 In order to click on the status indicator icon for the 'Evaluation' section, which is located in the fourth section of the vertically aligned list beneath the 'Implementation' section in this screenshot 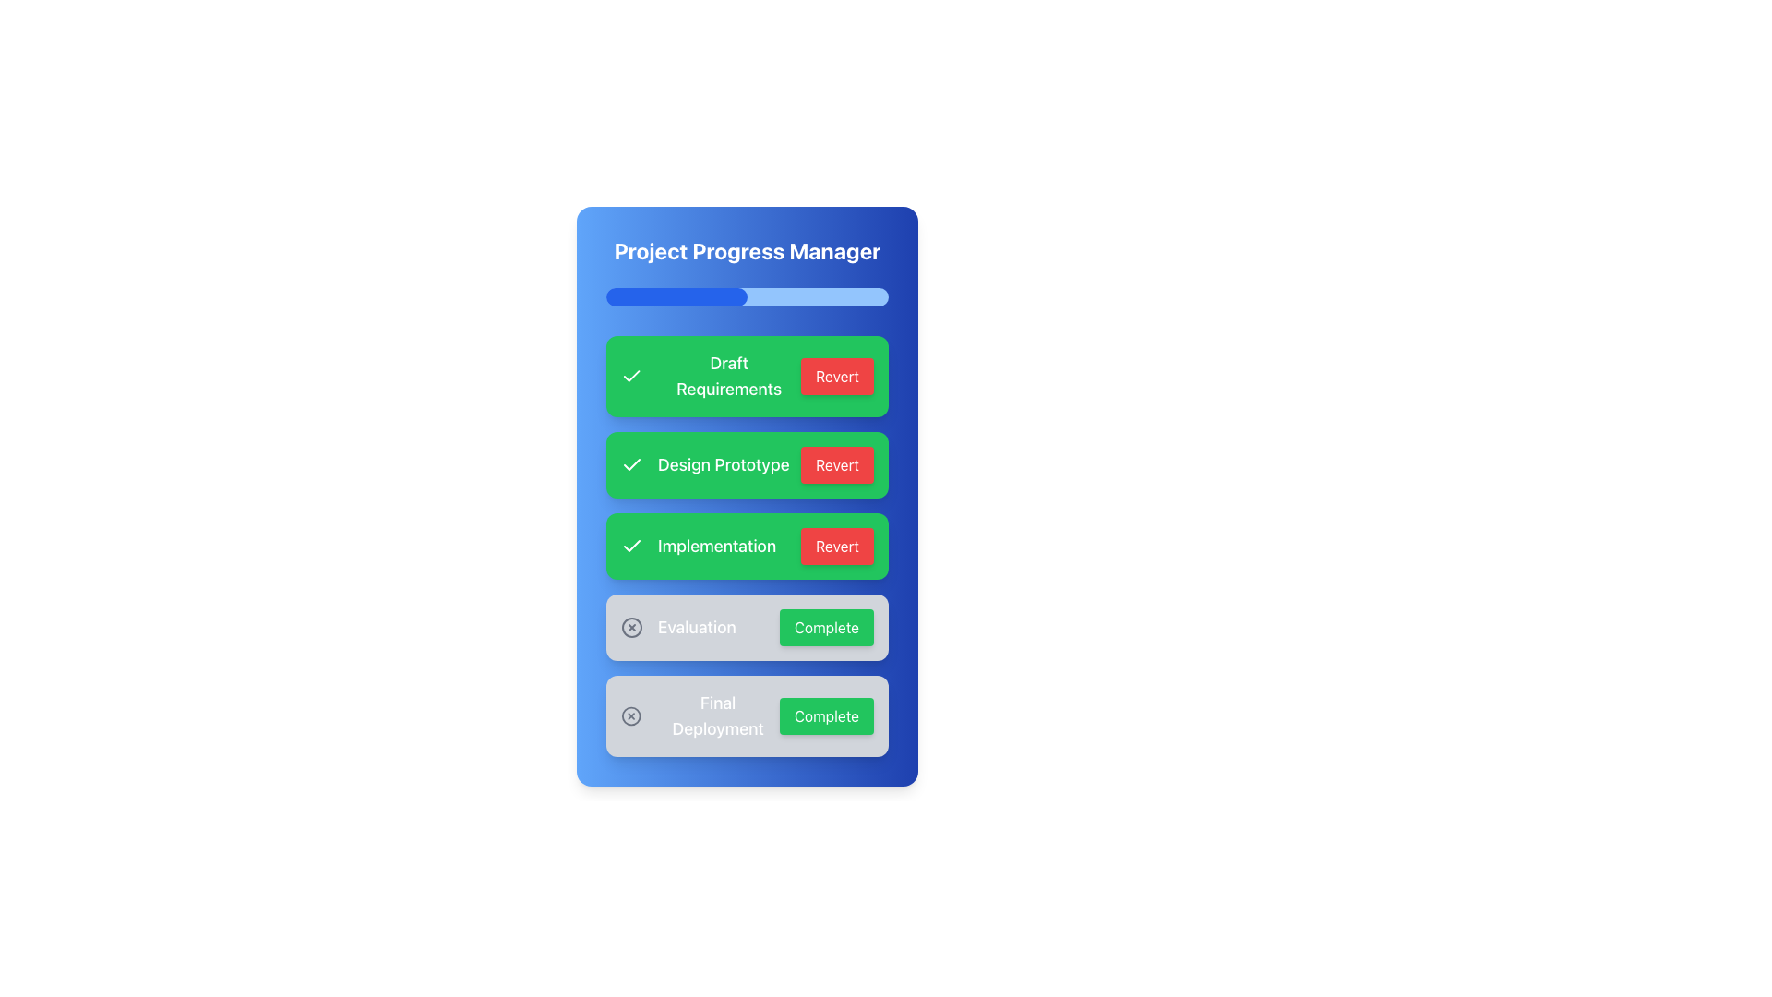, I will do `click(632, 626)`.